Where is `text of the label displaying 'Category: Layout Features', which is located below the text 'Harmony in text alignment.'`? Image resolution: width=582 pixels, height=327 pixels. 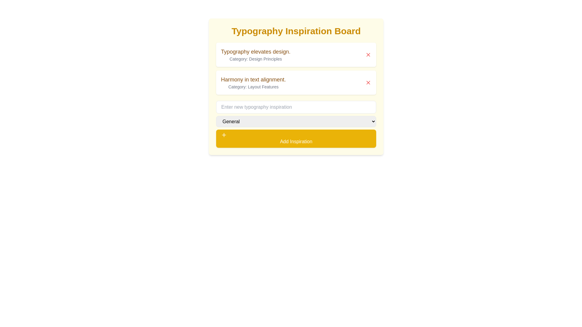 text of the label displaying 'Category: Layout Features', which is located below the text 'Harmony in text alignment.' is located at coordinates (253, 87).